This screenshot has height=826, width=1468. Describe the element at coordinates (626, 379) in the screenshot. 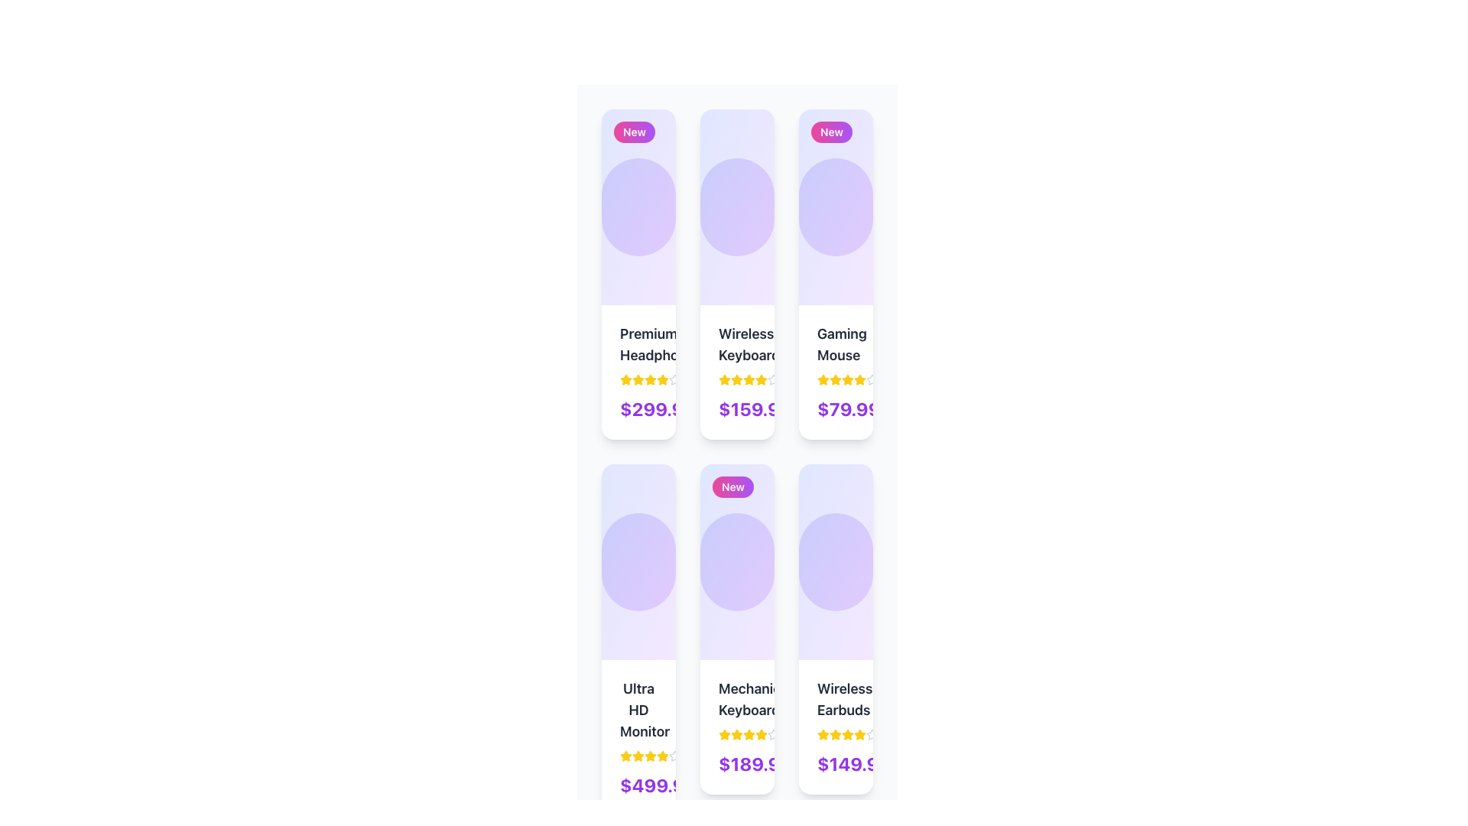

I see `the first yellow star icon in the rating component of the first product card to inspect its function` at that location.